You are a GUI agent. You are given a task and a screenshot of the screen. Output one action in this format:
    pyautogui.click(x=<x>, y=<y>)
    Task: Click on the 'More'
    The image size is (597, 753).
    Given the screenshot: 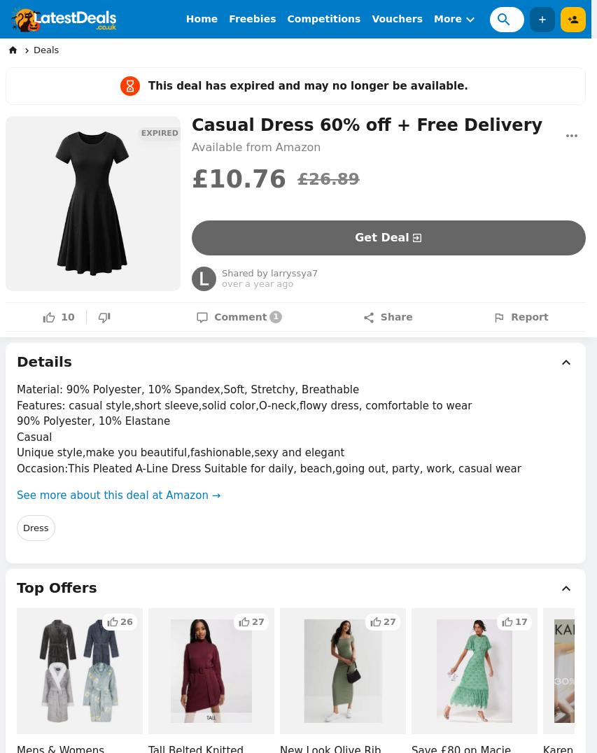 What is the action you would take?
    pyautogui.click(x=448, y=18)
    